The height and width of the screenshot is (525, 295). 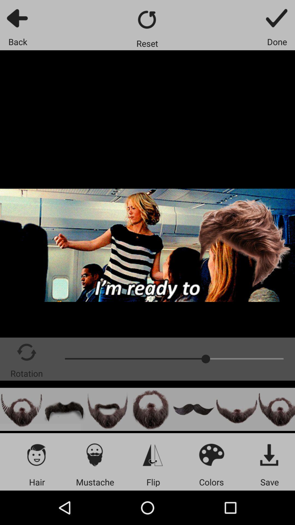 What do you see at coordinates (17, 18) in the screenshot?
I see `go back` at bounding box center [17, 18].